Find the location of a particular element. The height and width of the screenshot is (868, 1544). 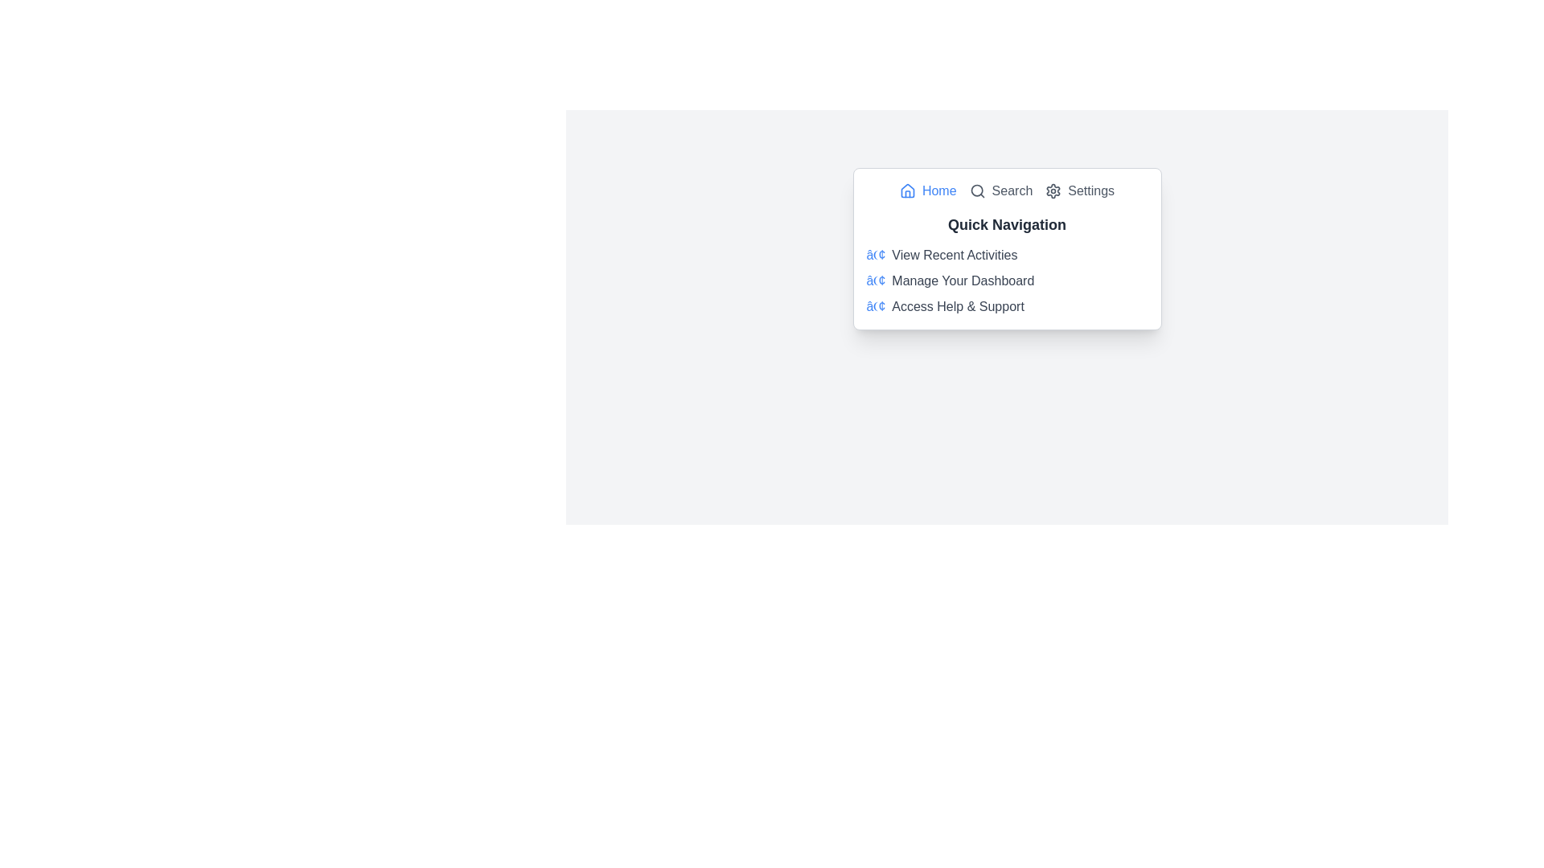

the second option in the 'Quick Navigation' menu, which is for managing the user's dashboard is located at coordinates (1006, 280).